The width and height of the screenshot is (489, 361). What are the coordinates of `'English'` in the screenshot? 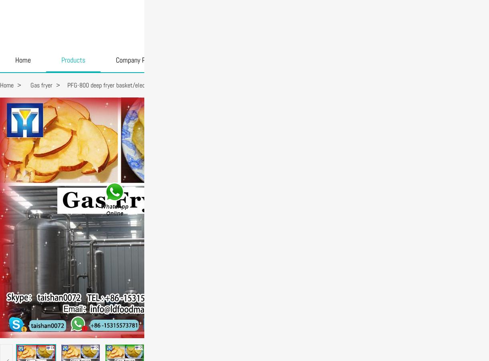 It's located at (426, 11).